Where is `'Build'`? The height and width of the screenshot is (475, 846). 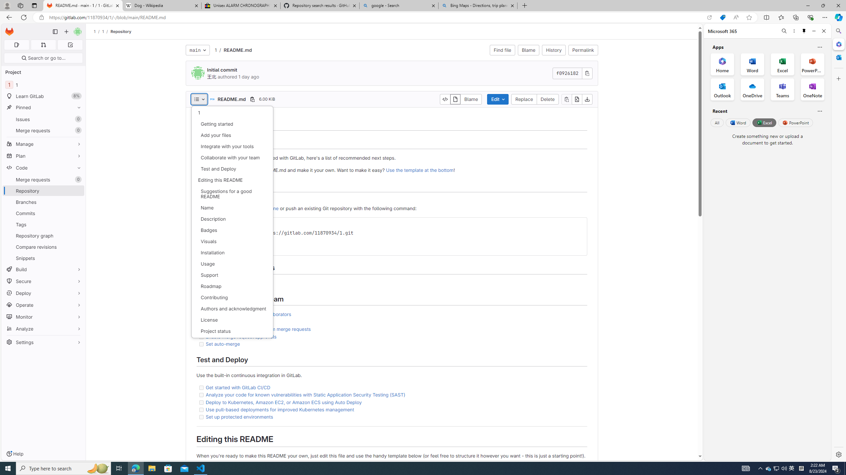
'Build' is located at coordinates (43, 269).